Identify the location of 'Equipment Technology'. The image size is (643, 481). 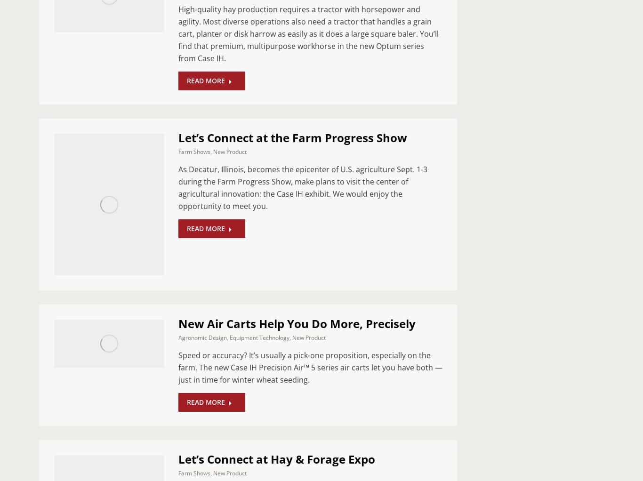
(259, 337).